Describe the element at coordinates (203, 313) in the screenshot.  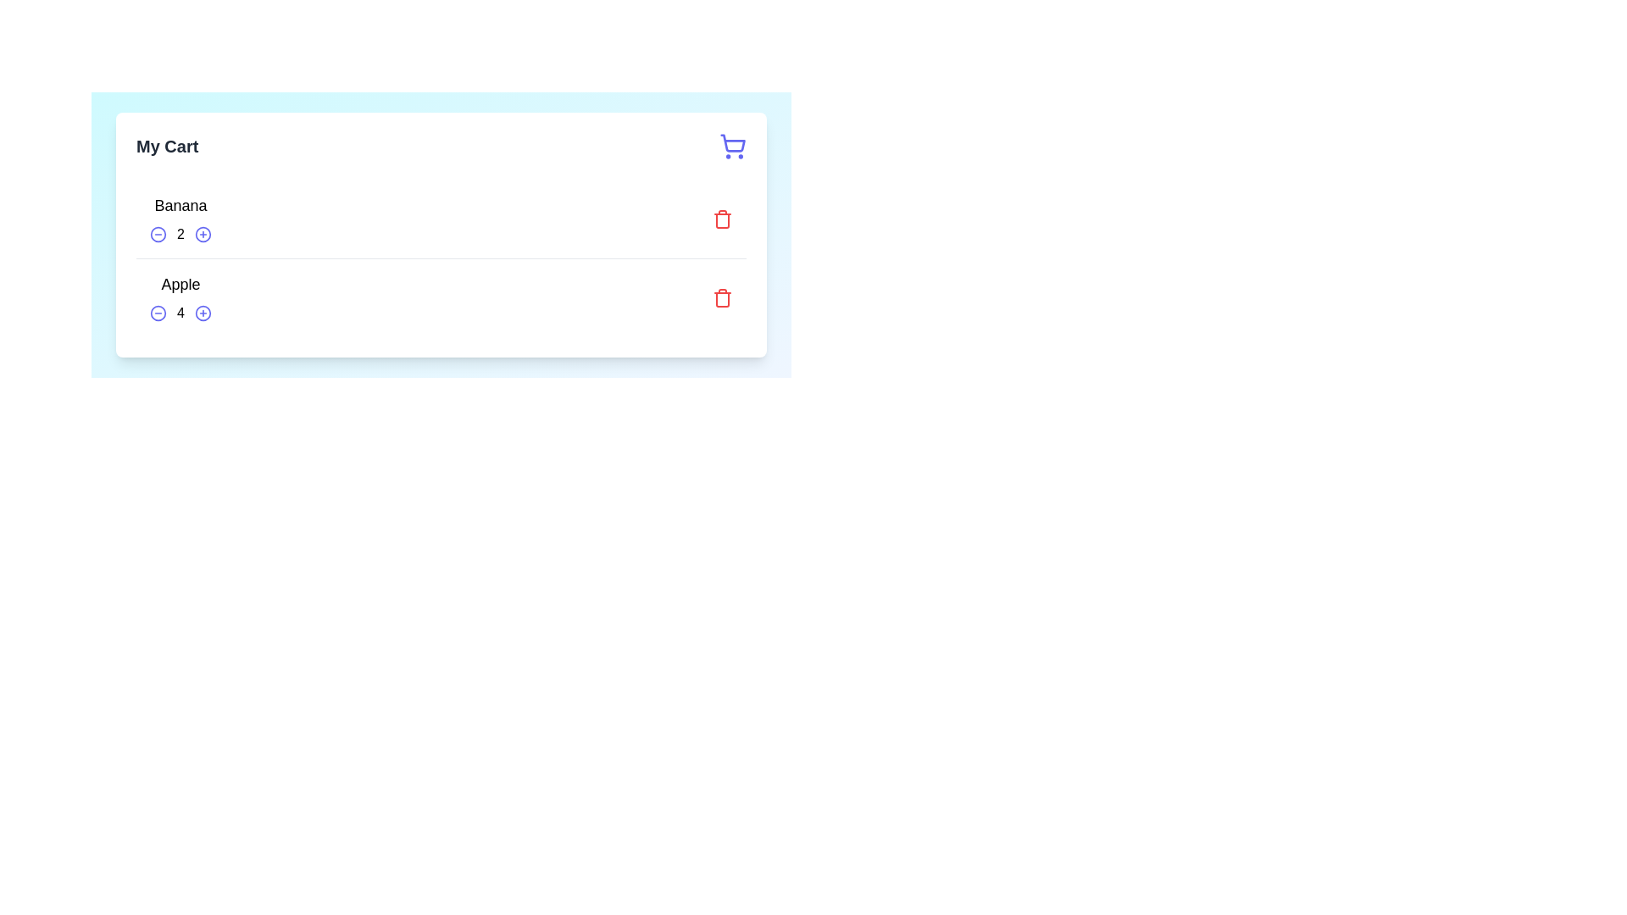
I see `the increment button located to the right of the number '4'` at that location.